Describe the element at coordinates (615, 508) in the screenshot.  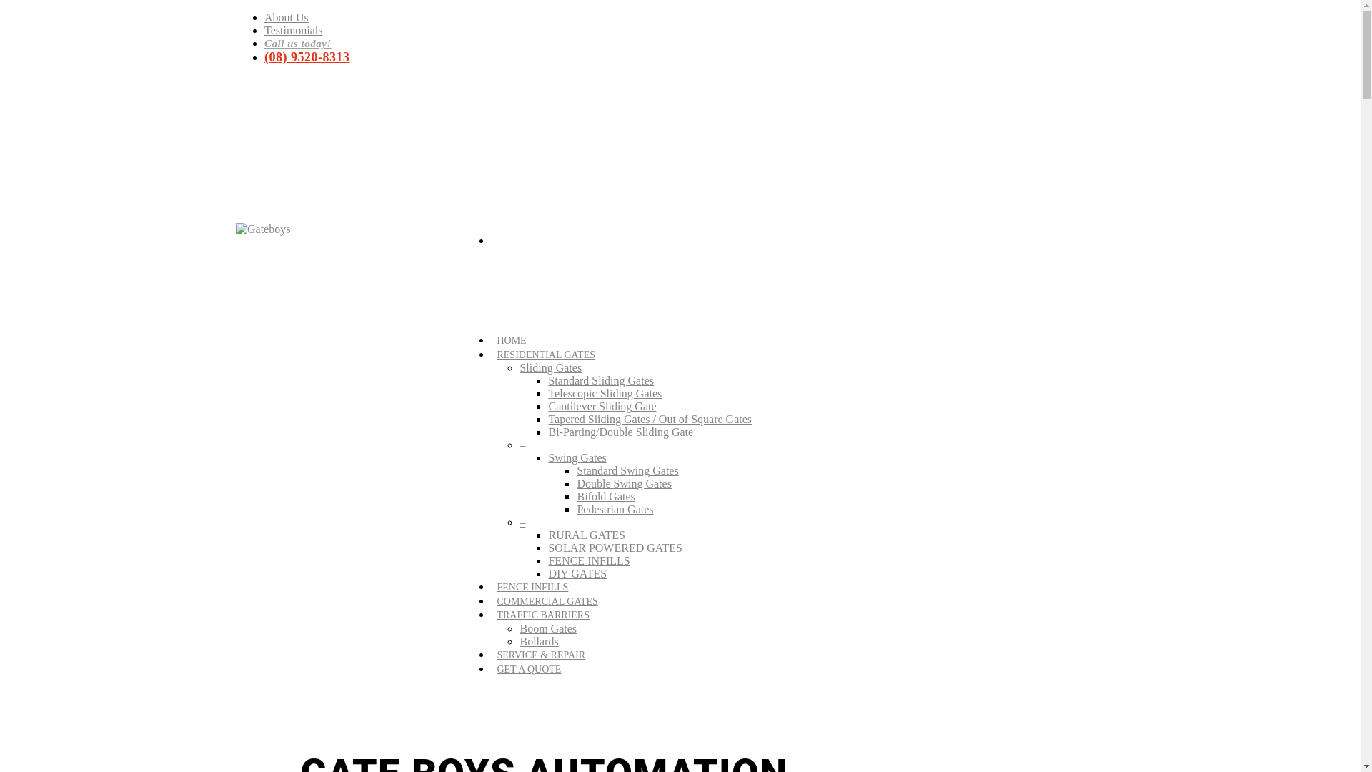
I see `'Pedestrian Gates'` at that location.